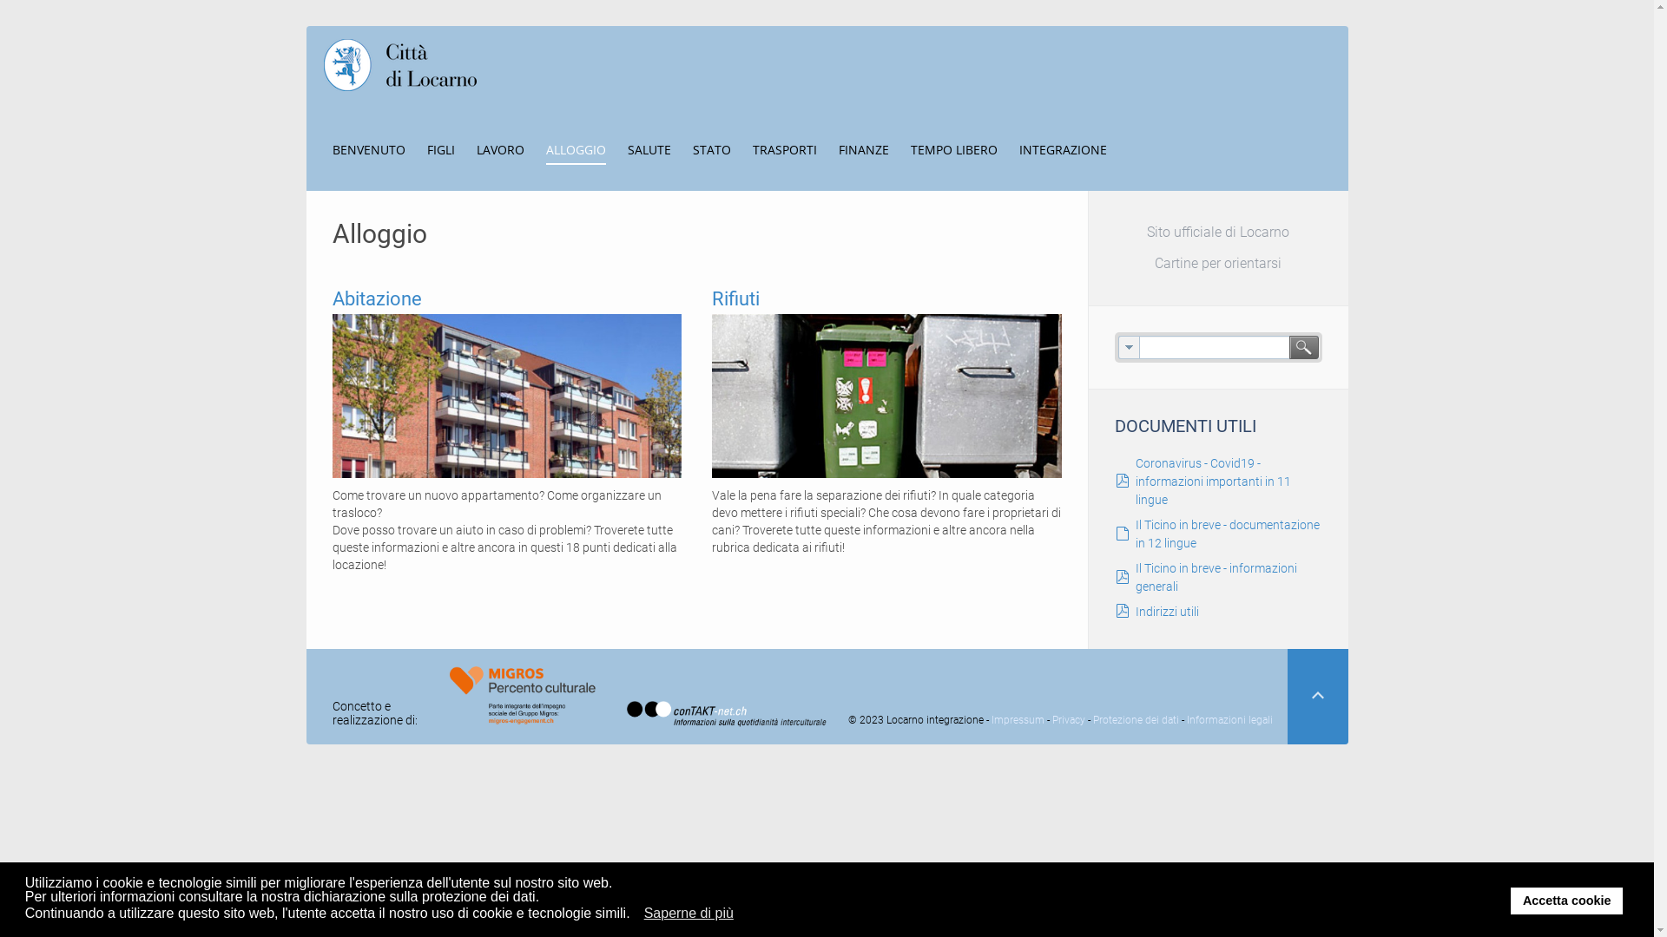  Describe the element at coordinates (1229, 719) in the screenshot. I see `'Informazioni legali'` at that location.